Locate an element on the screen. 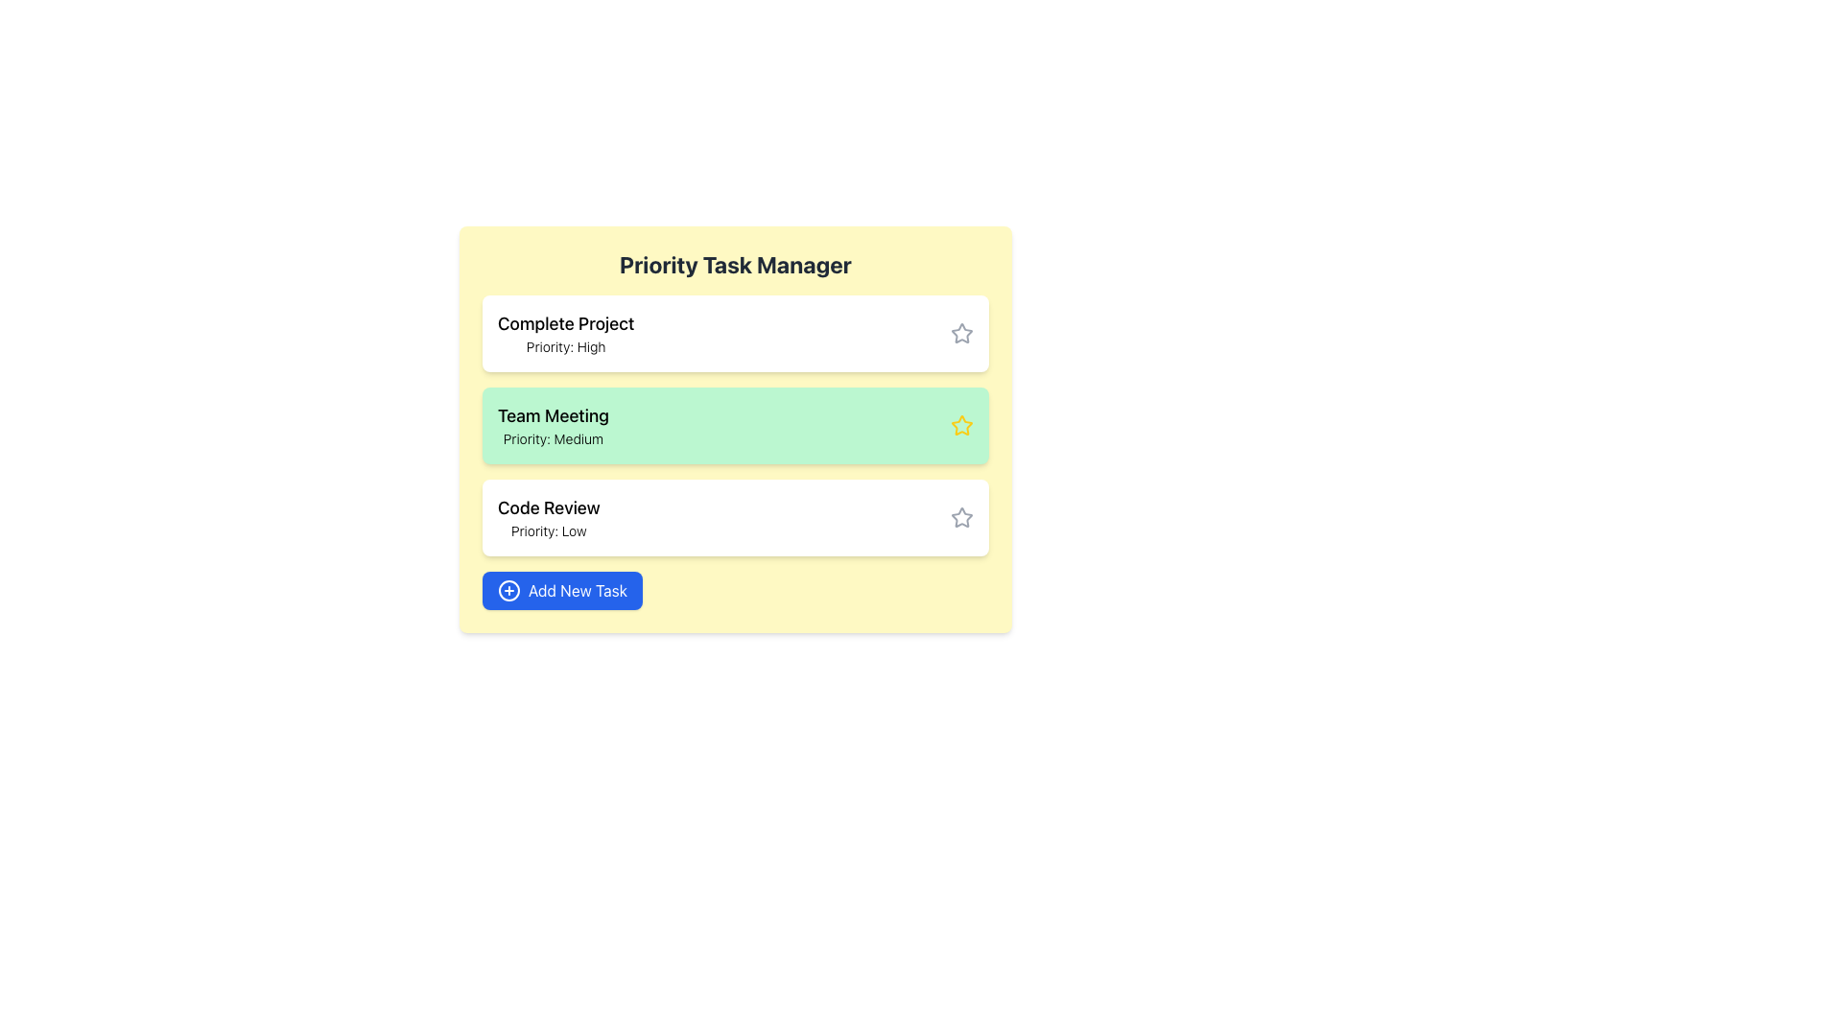  the 'Priority: Low' label located within the 'Code Review' task card, which provides additional detail as subtext beneath the main title 'Code Review' is located at coordinates (548, 531).